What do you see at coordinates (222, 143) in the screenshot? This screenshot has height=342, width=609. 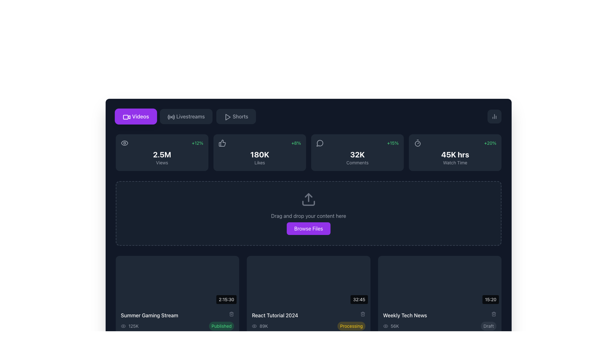 I see `the 'thumbs-up' SVG icon styled in gray color, located within the card labeled '180K Likes', positioned to the left of the text '+8%'` at bounding box center [222, 143].